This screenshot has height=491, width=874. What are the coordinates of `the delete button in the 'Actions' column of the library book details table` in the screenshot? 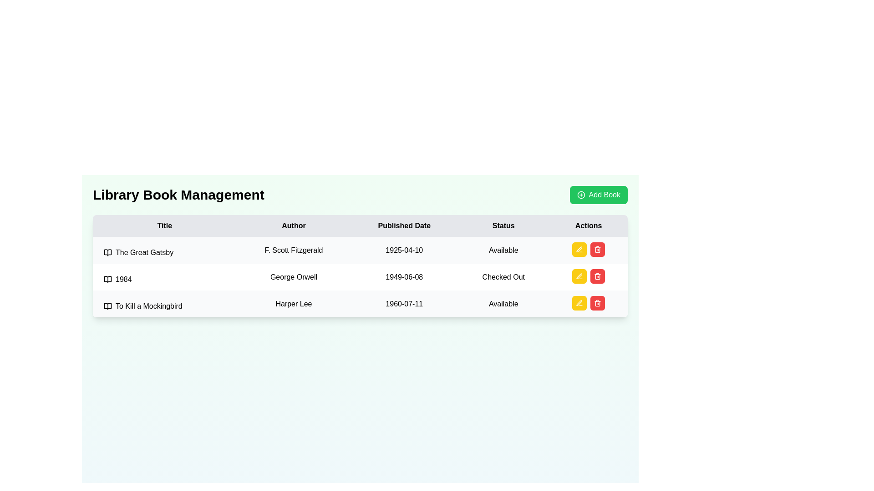 It's located at (598, 276).